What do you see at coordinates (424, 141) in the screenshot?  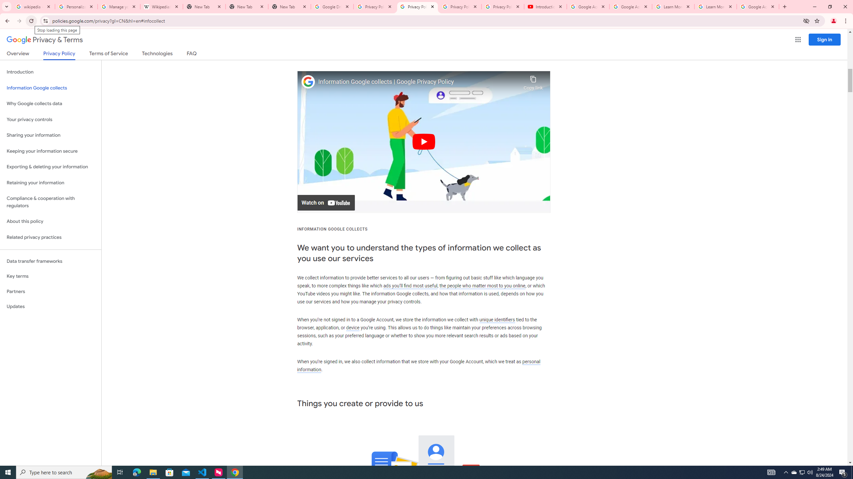 I see `'Play'` at bounding box center [424, 141].